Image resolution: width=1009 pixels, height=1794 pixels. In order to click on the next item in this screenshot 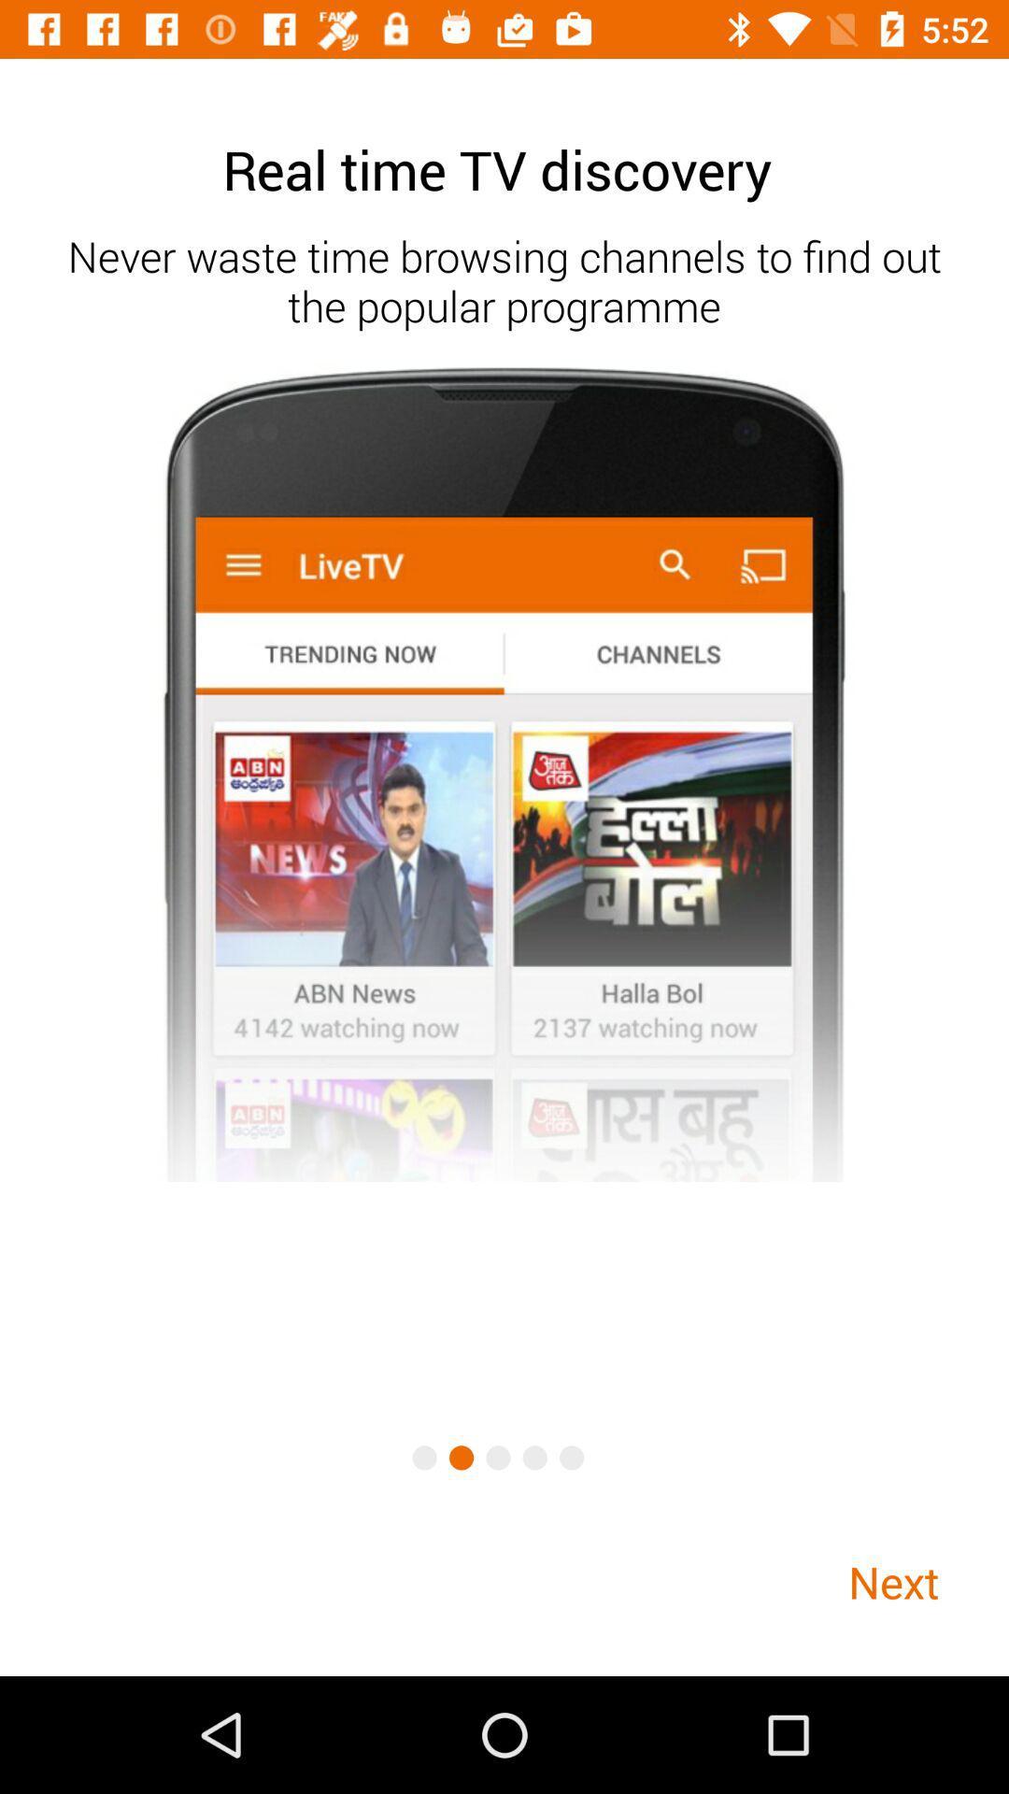, I will do `click(892, 1581)`.